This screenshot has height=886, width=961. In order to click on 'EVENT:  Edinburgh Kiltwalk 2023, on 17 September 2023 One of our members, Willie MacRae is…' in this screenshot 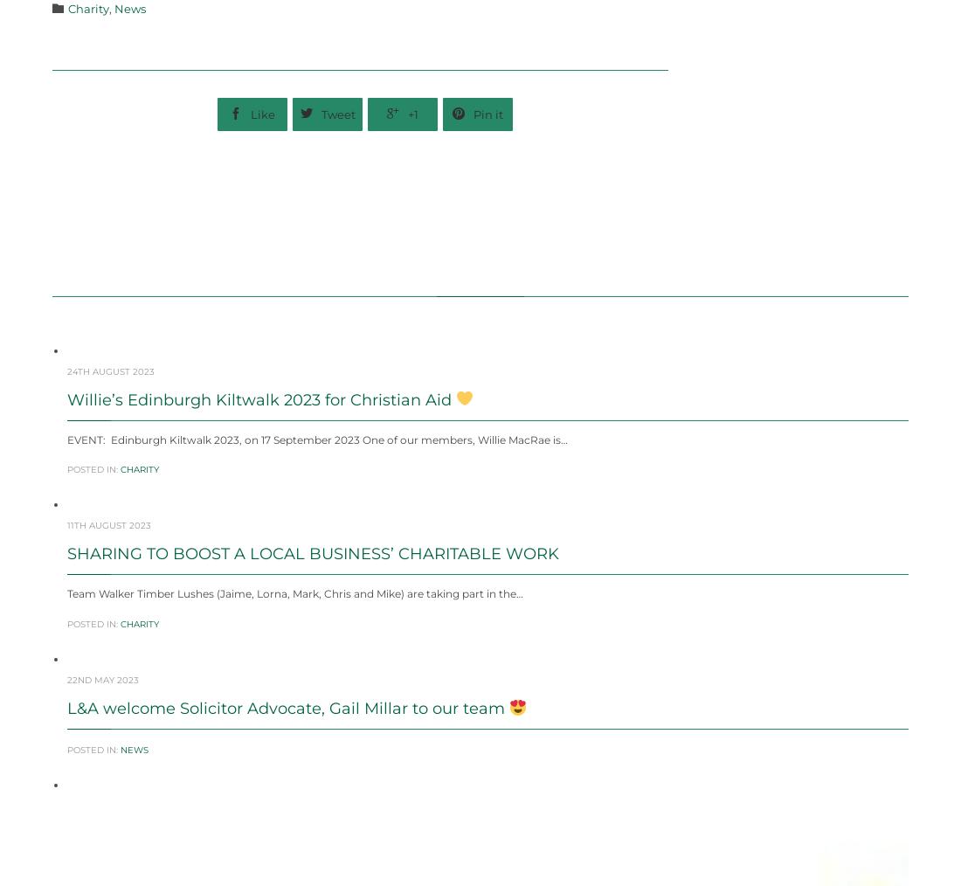, I will do `click(316, 481)`.